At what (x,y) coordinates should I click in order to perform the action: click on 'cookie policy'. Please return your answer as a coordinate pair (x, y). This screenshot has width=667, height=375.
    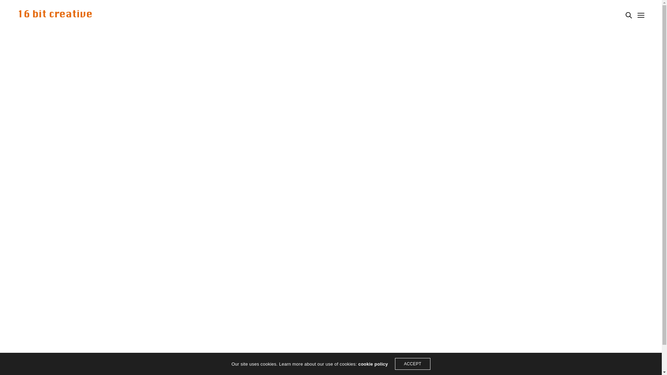
    Looking at the image, I should click on (373, 363).